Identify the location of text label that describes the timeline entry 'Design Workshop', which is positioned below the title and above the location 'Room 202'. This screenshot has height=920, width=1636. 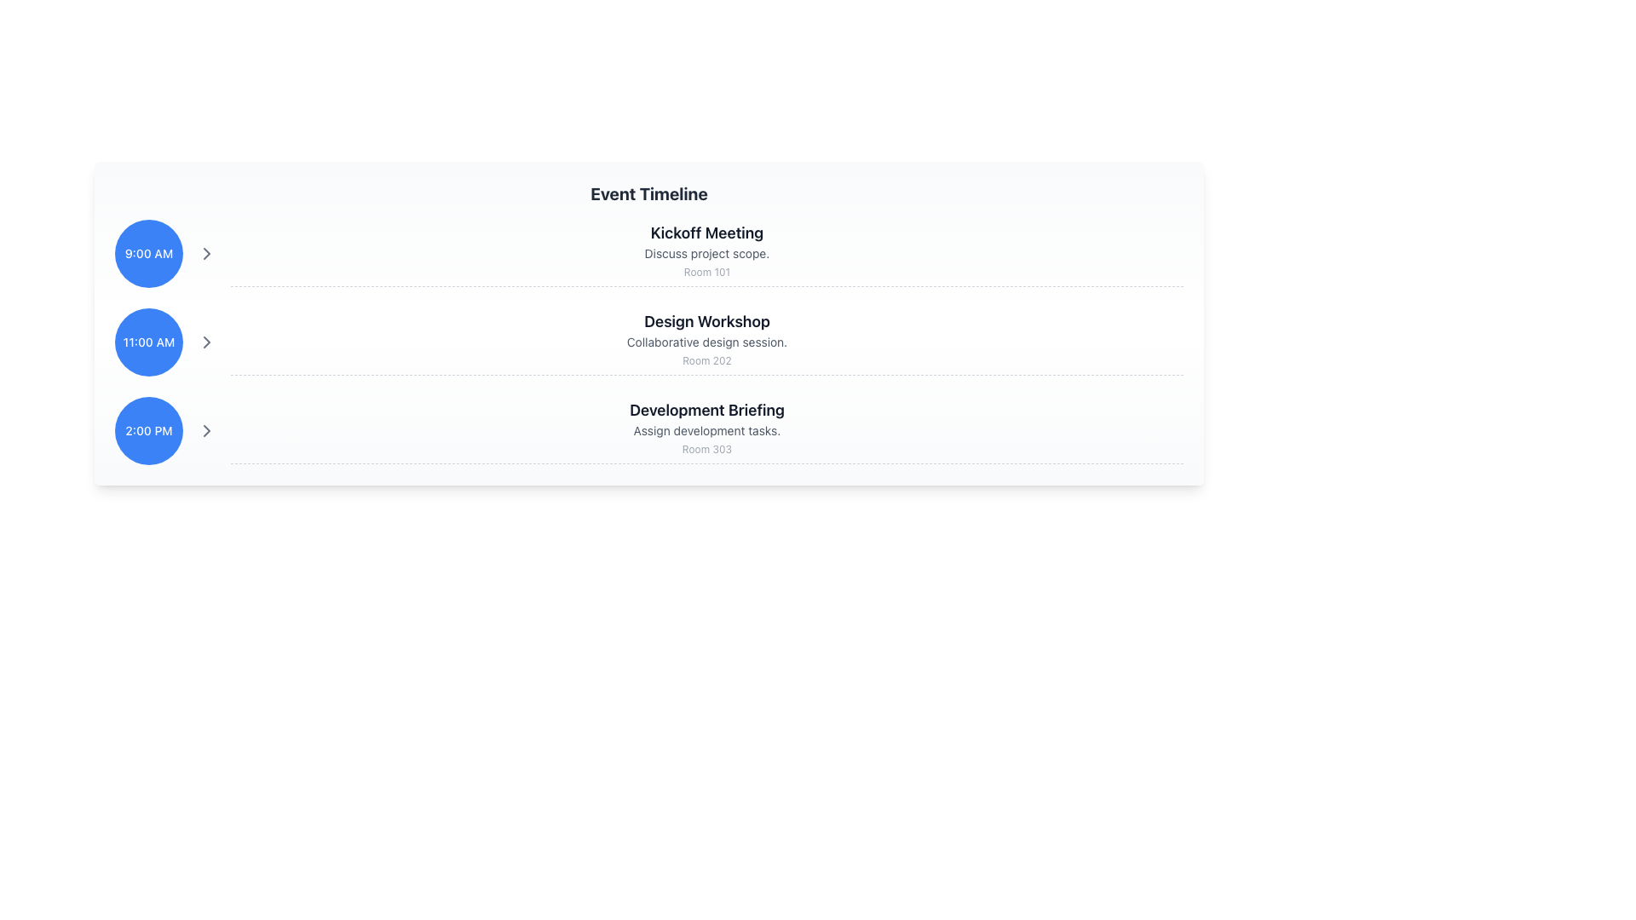
(707, 342).